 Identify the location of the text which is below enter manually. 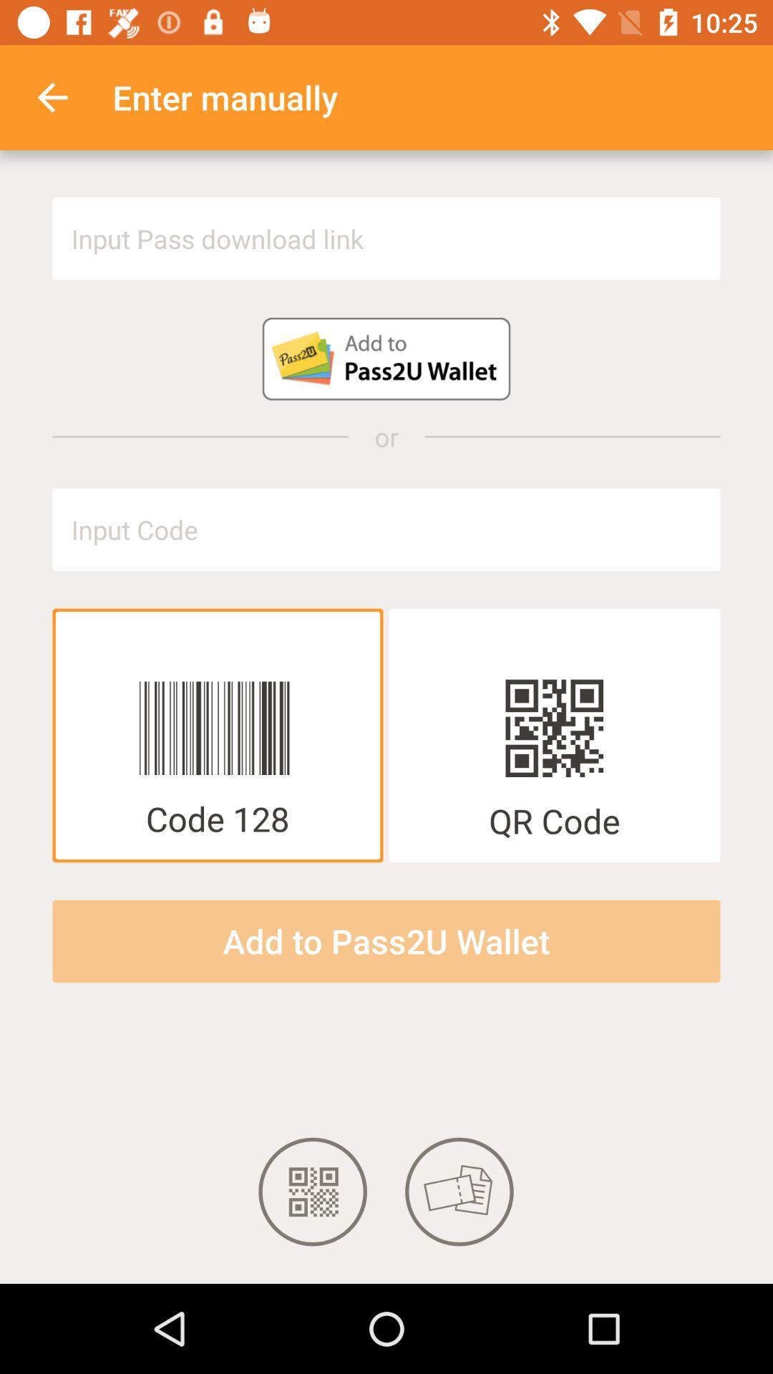
(386, 239).